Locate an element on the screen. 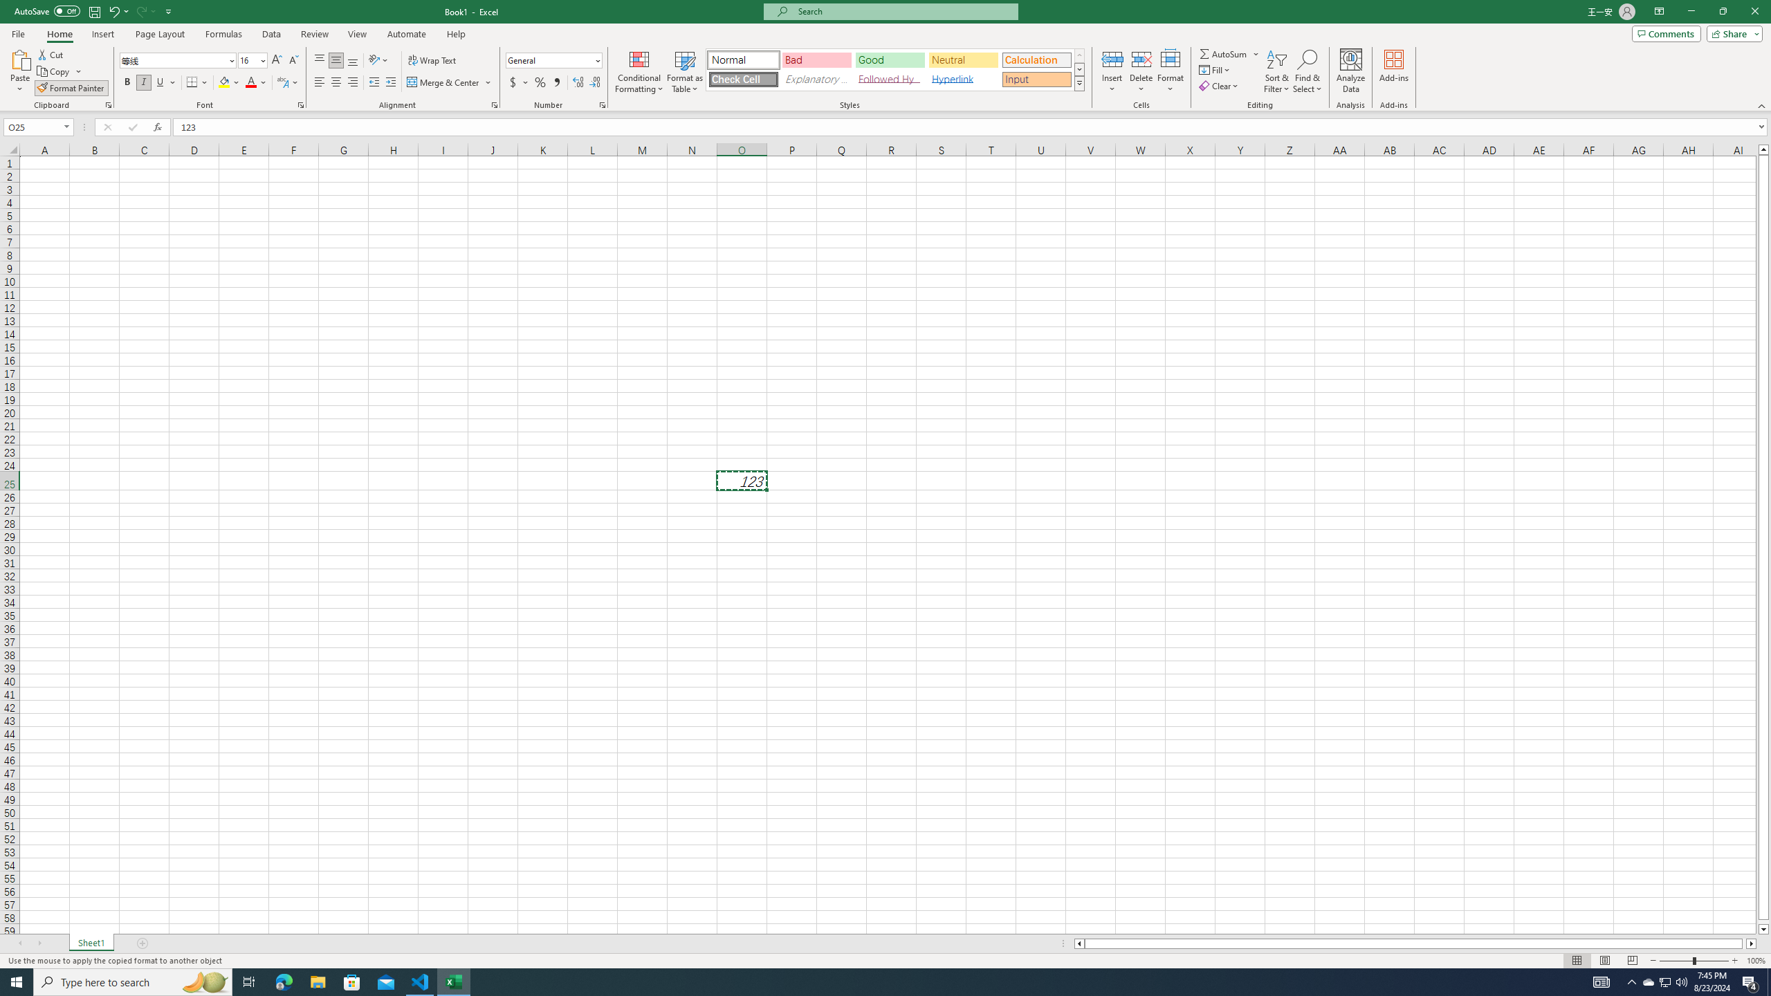  'Hyperlink' is located at coordinates (962, 79).